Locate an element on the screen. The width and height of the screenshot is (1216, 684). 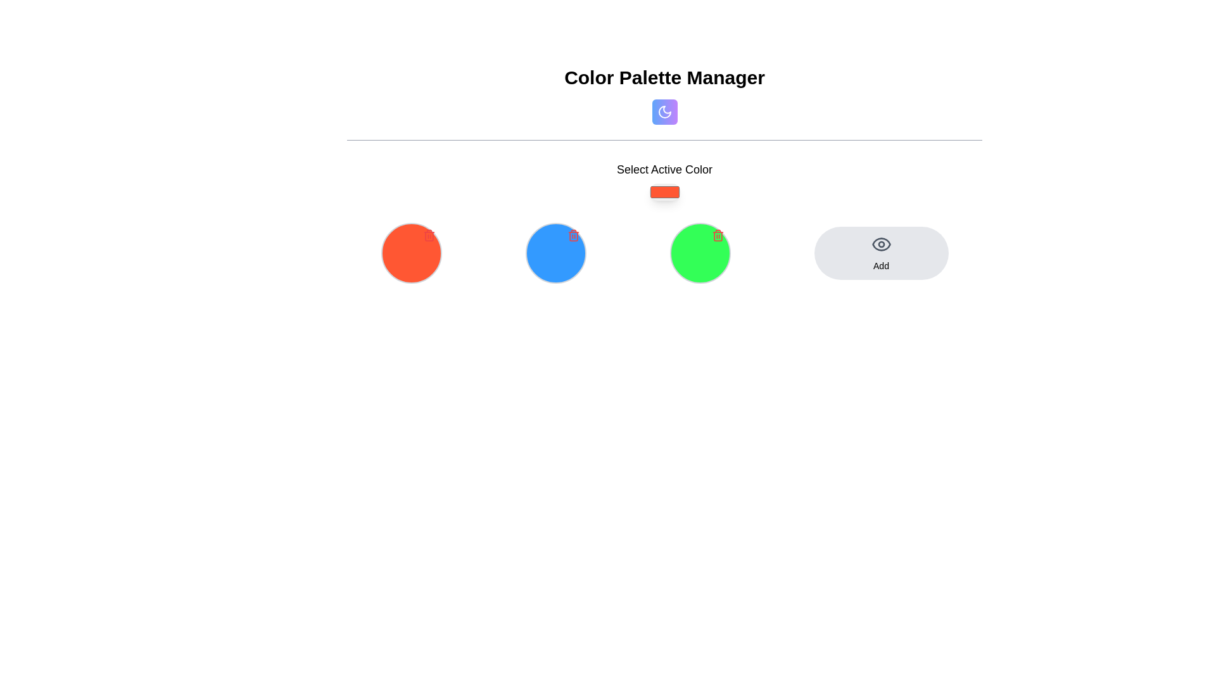
the Eye icon, which is a circular gray visibility icon located within the 'Add' button on the right side of a row of color circles is located at coordinates (880, 244).